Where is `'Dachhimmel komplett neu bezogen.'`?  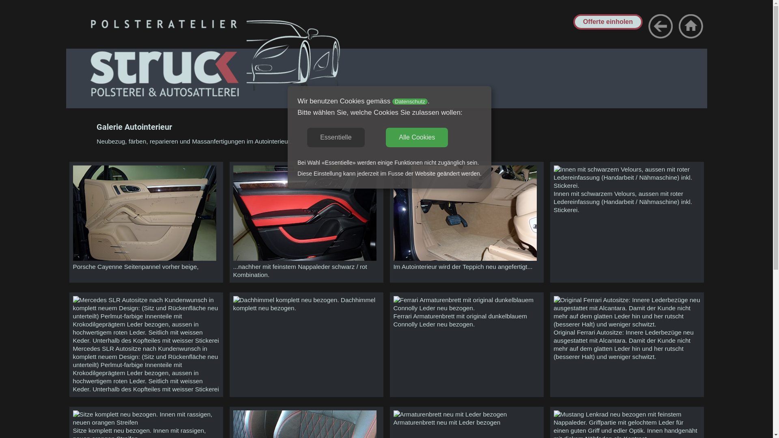
'Dachhimmel komplett neu bezogen.' is located at coordinates (232, 300).